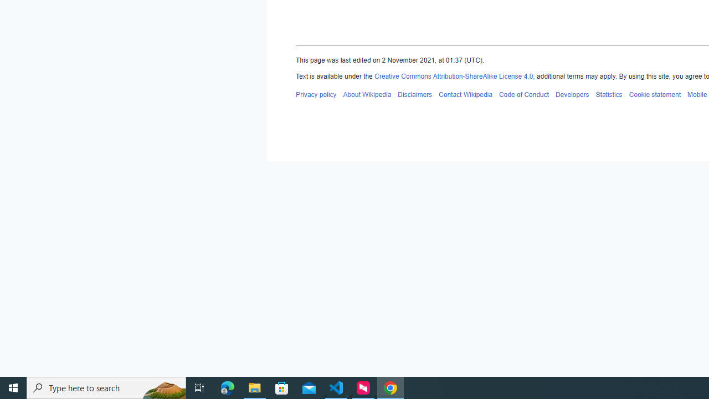  Describe the element at coordinates (655, 94) in the screenshot. I see `'Cookie statement'` at that location.